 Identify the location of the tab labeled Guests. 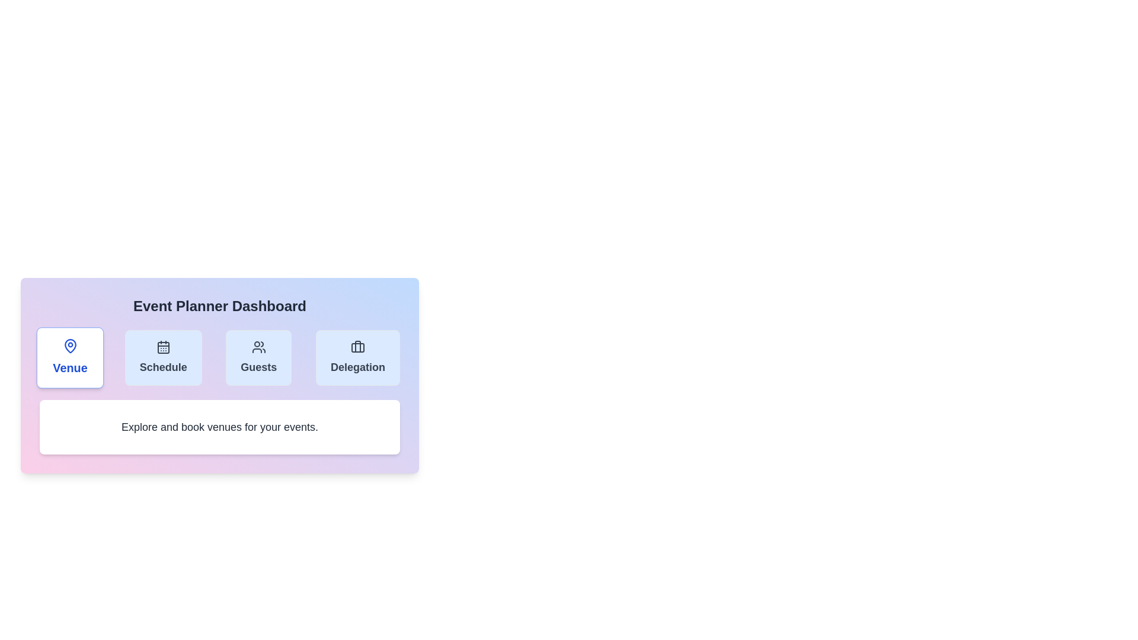
(258, 357).